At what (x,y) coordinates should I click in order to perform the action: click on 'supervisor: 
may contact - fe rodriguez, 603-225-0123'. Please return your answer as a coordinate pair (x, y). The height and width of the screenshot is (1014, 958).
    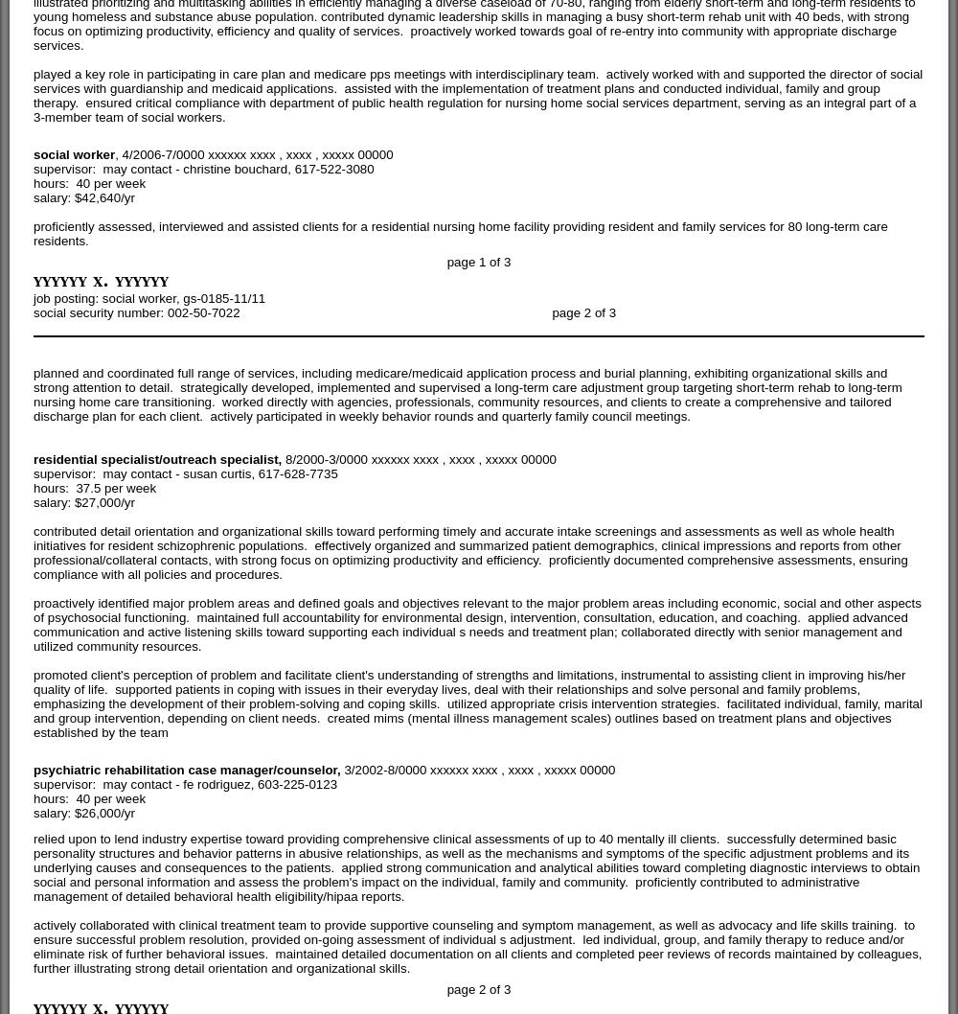
    Looking at the image, I should click on (184, 782).